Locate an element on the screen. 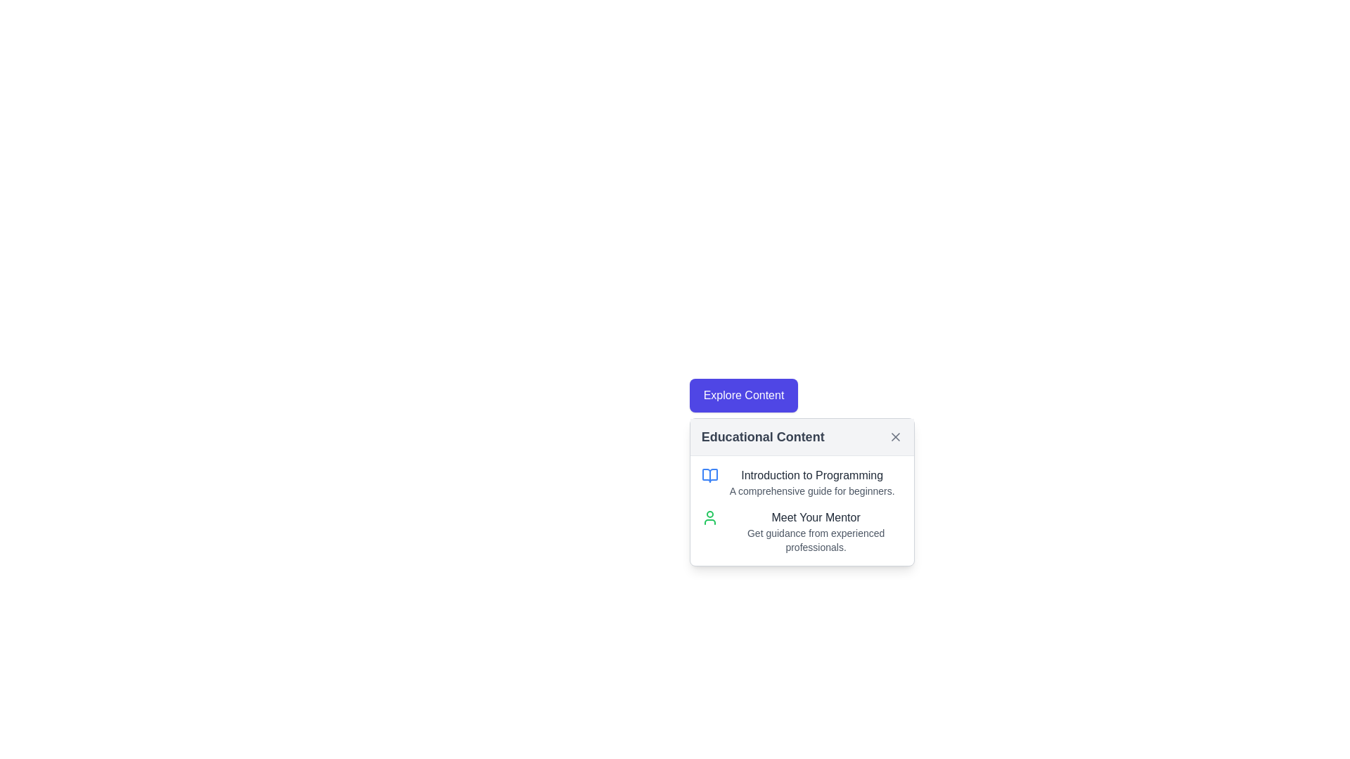  text from the Text Label that serves as a title or header for the mentorship content, located near the bottom of the pop-up box is located at coordinates (816, 517).